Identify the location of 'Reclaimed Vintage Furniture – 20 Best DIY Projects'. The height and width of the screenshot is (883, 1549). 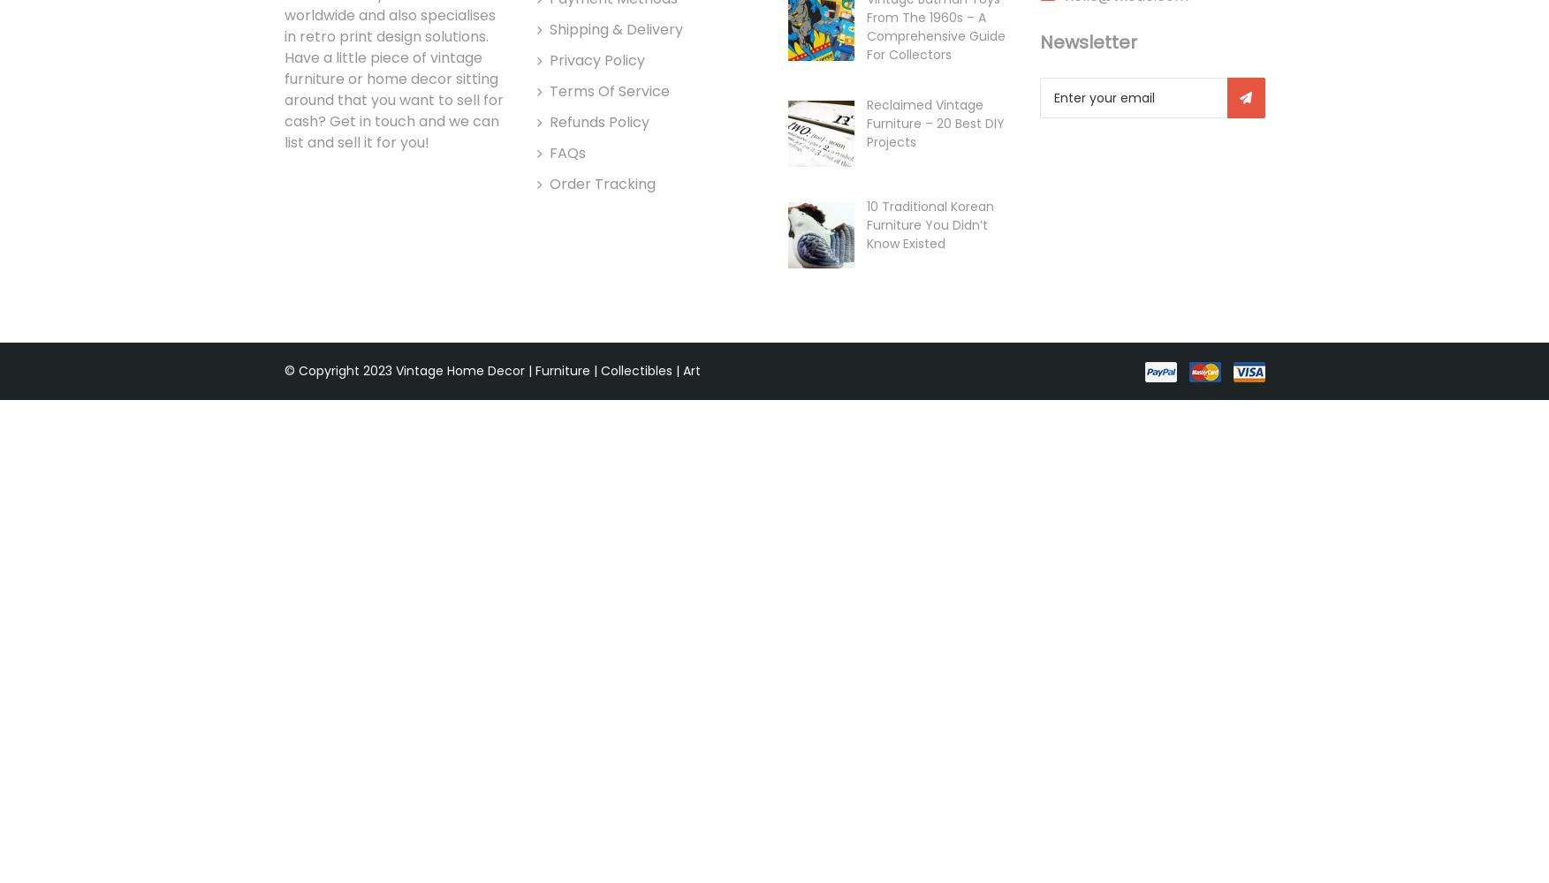
(933, 124).